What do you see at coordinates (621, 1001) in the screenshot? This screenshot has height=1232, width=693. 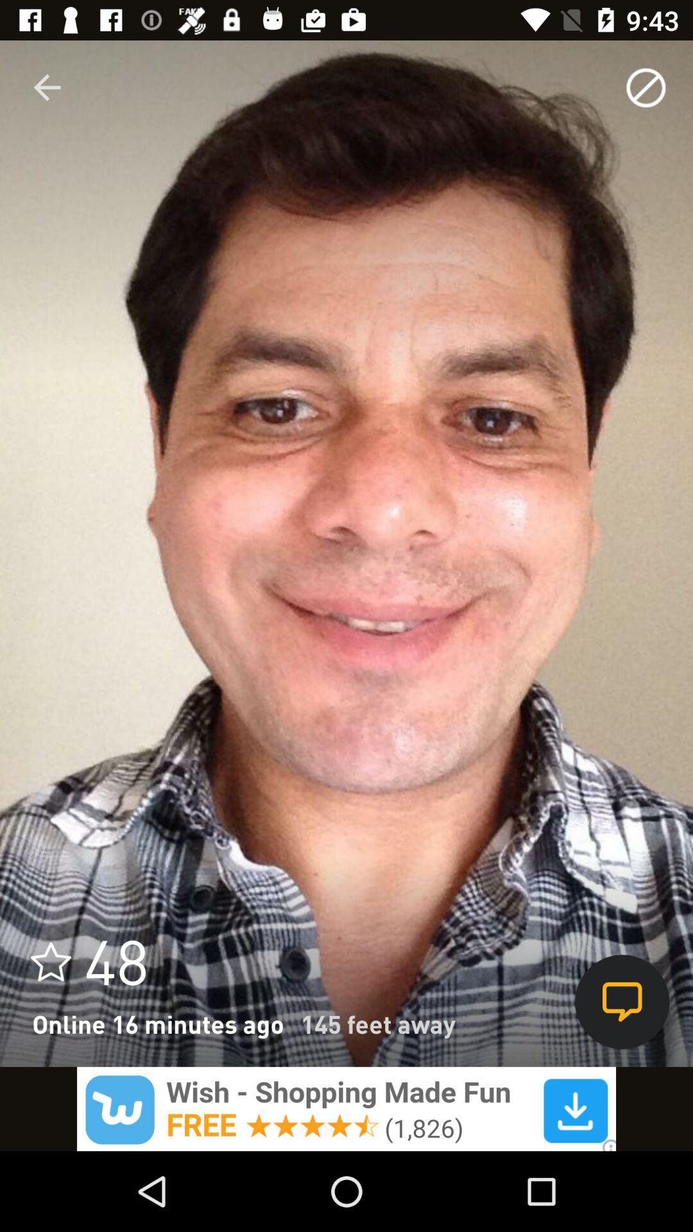 I see `send a message` at bounding box center [621, 1001].